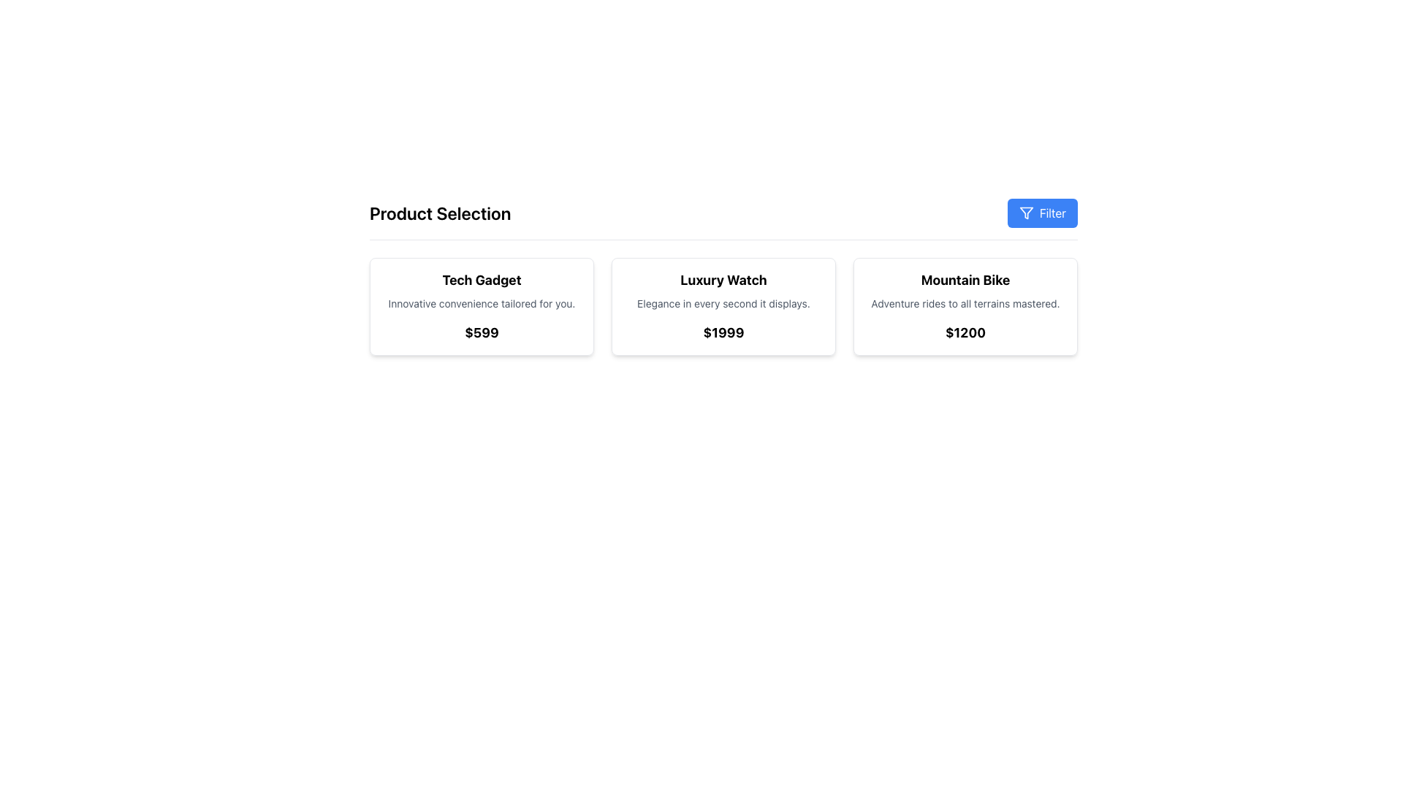 Image resolution: width=1403 pixels, height=789 pixels. I want to click on the filtering icon located inside the blue 'Filter' button at the top right of the layout, so click(1025, 213).